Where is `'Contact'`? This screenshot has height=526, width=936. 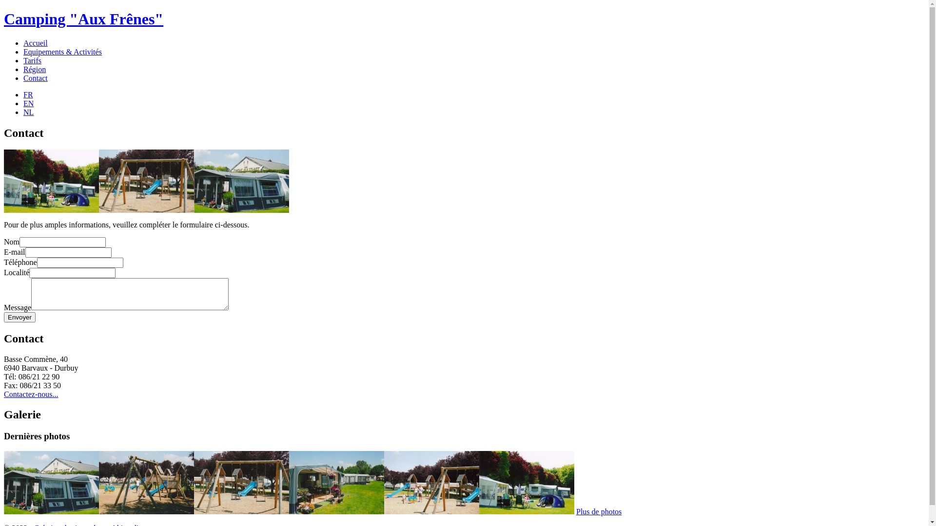 'Contact' is located at coordinates (35, 77).